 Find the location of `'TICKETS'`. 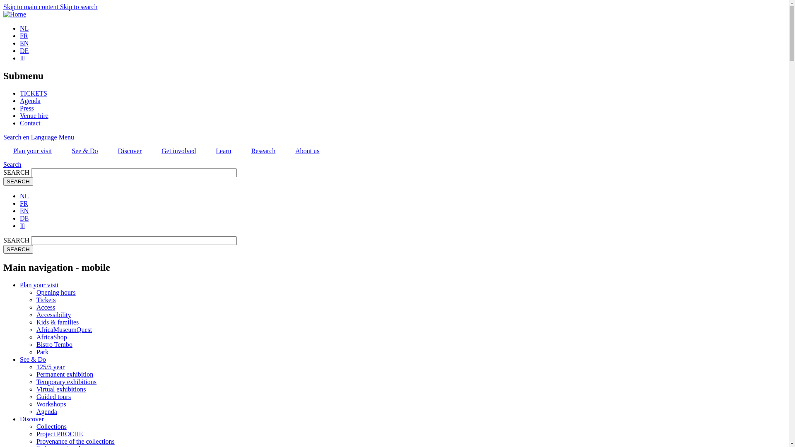

'TICKETS' is located at coordinates (33, 93).